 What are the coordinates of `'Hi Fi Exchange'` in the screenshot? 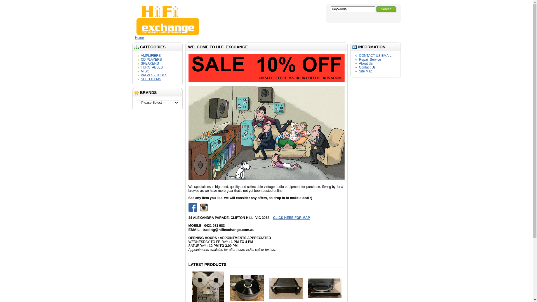 It's located at (168, 20).